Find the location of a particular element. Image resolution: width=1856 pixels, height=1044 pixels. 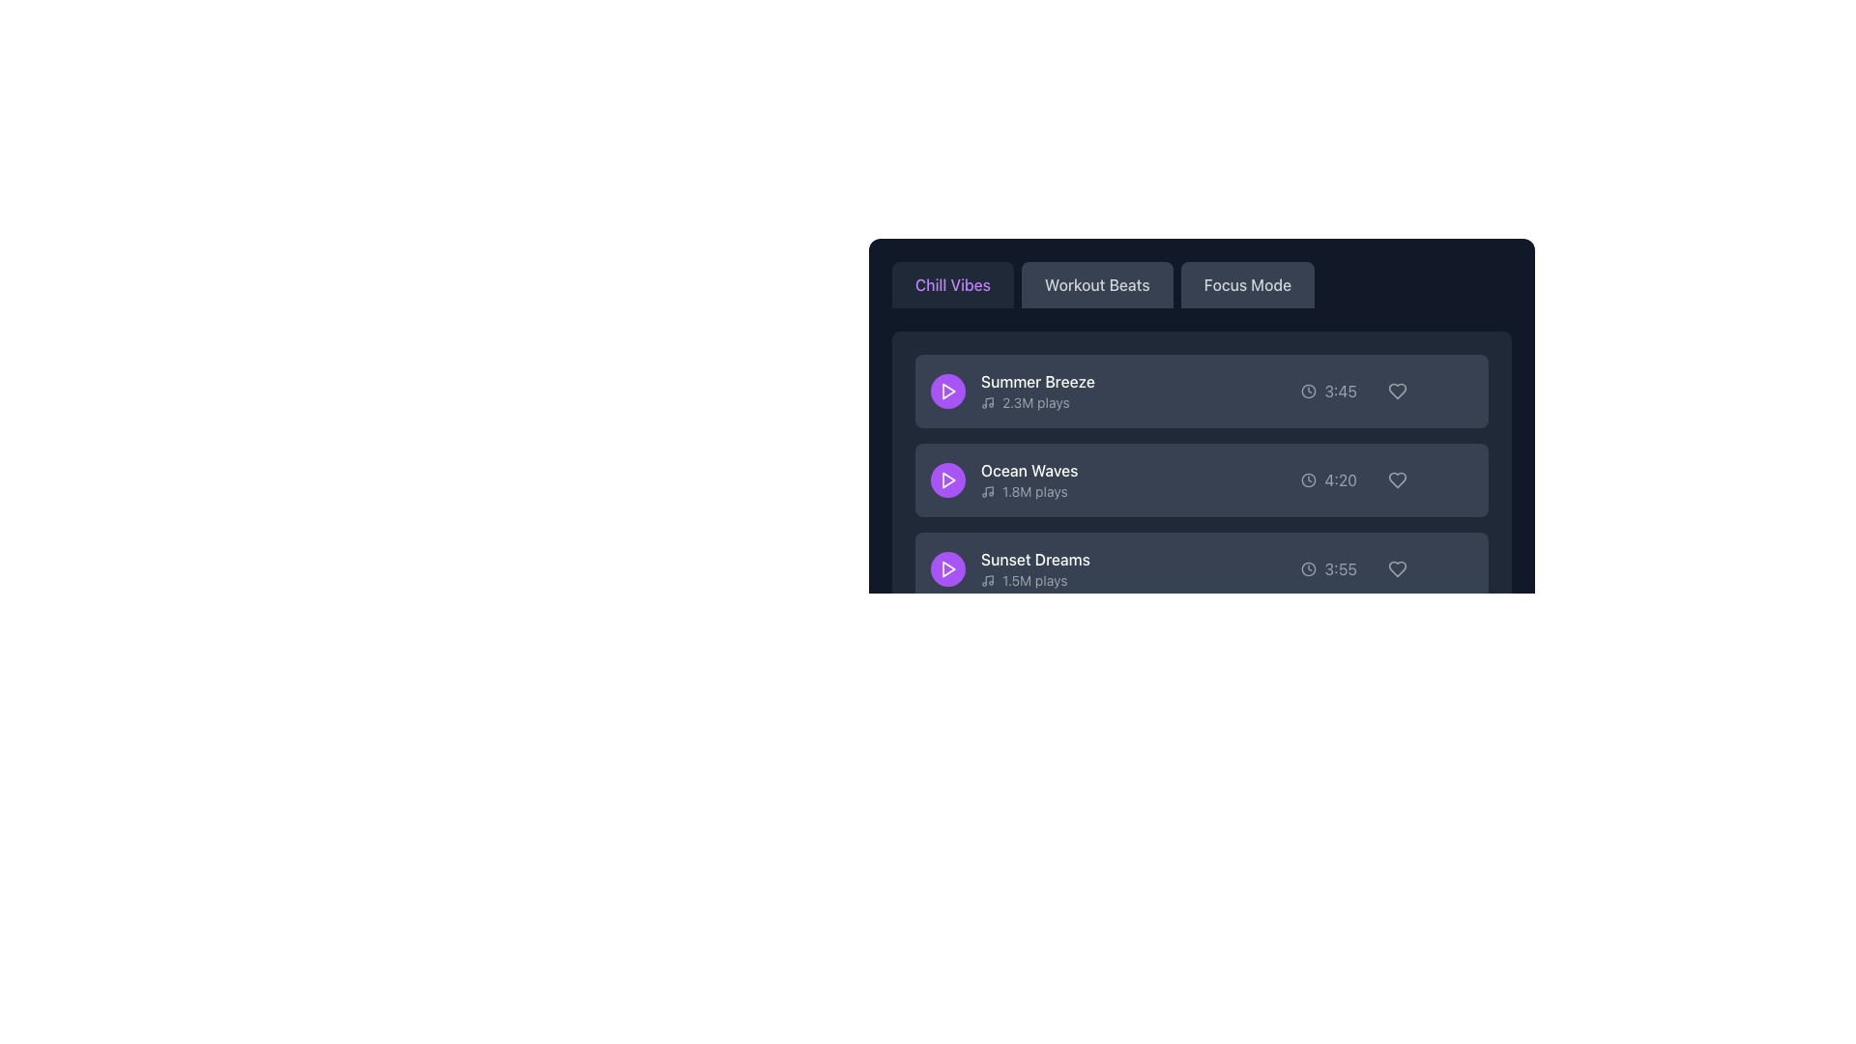

the third heart icon in the bottom track row labeled 'Sunset Dreams' to favorite the item is located at coordinates (1397, 568).